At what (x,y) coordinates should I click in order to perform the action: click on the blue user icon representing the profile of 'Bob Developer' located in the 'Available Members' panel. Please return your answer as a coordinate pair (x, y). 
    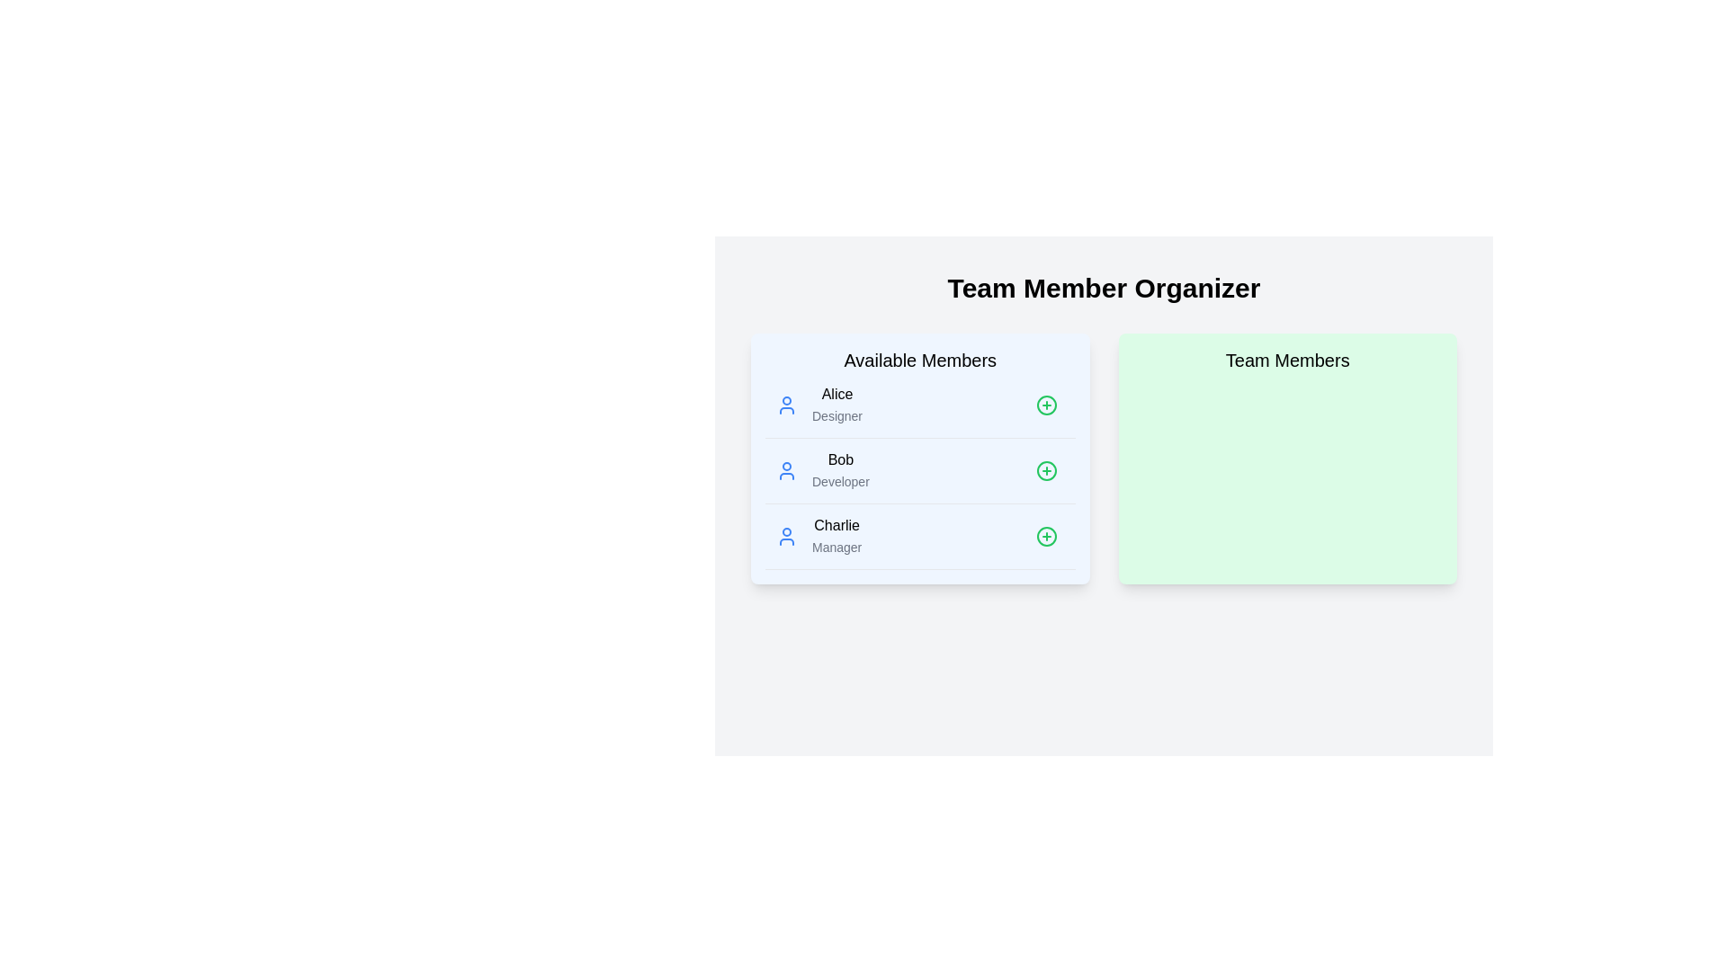
    Looking at the image, I should click on (786, 470).